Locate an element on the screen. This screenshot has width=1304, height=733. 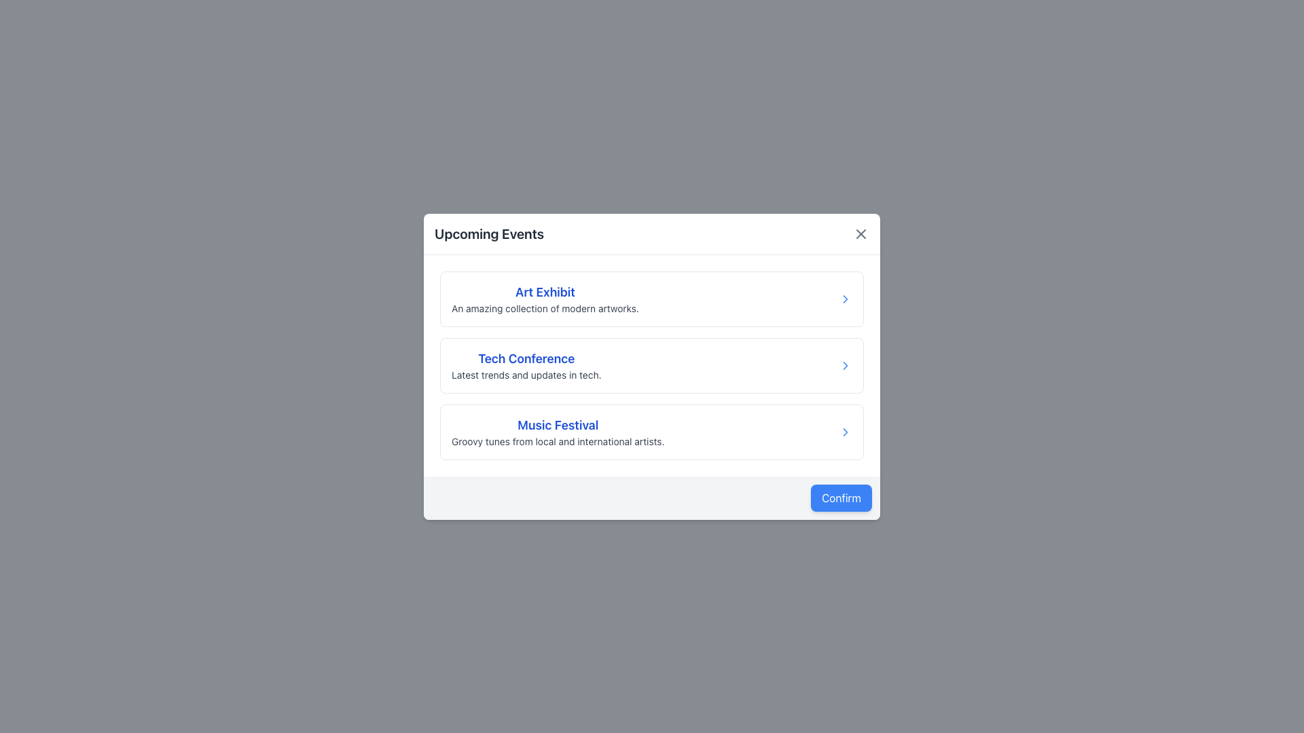
the event information text block located at the top of the list in the white bordered card of the 'Upcoming Events' modal dialog is located at coordinates (544, 297).